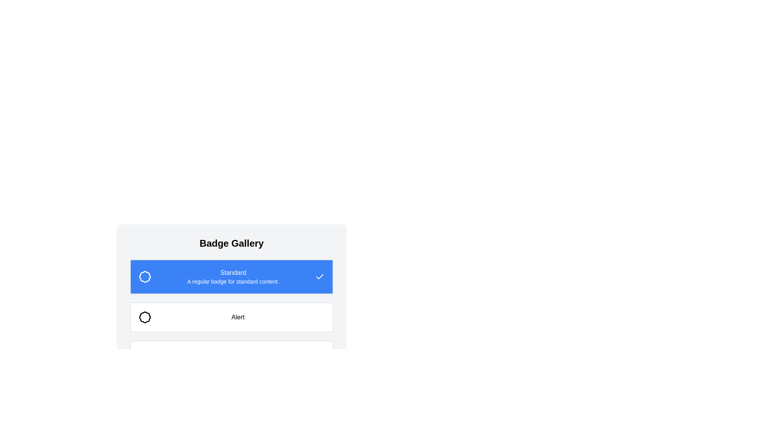  What do you see at coordinates (232, 281) in the screenshot?
I see `the text element displaying 'A regular badge for standard content.' which is located beneath the 'Standard' text in the blue section` at bounding box center [232, 281].